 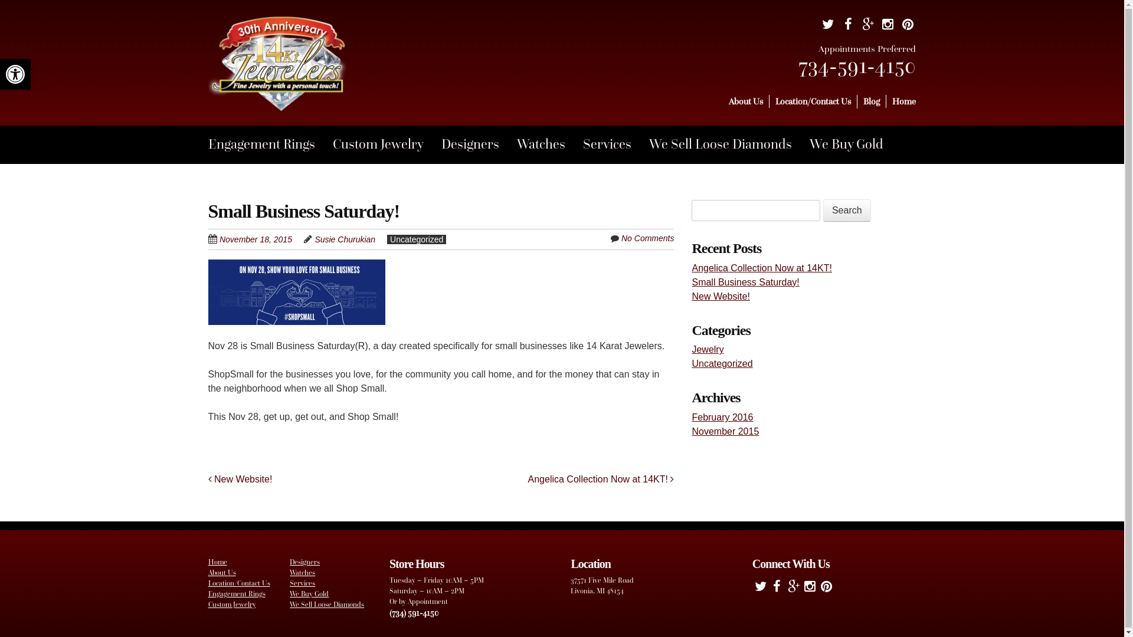 What do you see at coordinates (239, 479) in the screenshot?
I see `'New Website!'` at bounding box center [239, 479].